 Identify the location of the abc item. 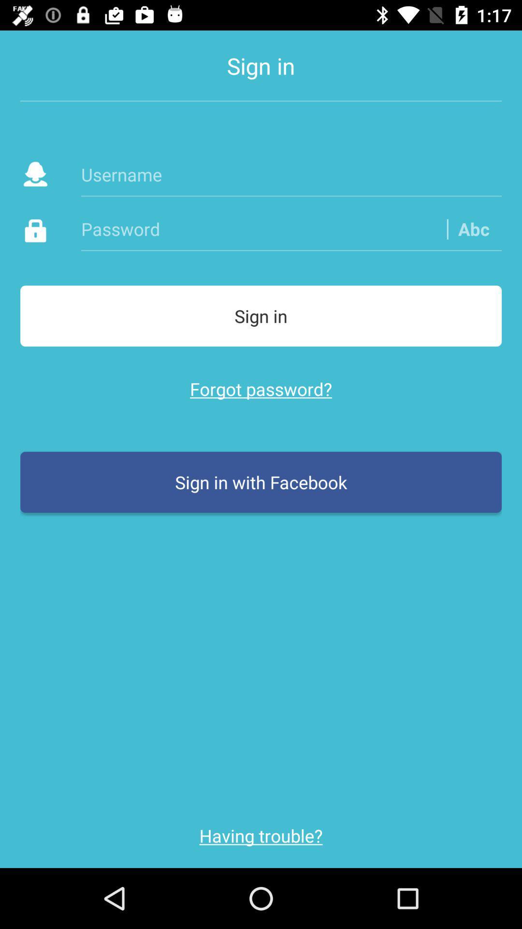
(473, 228).